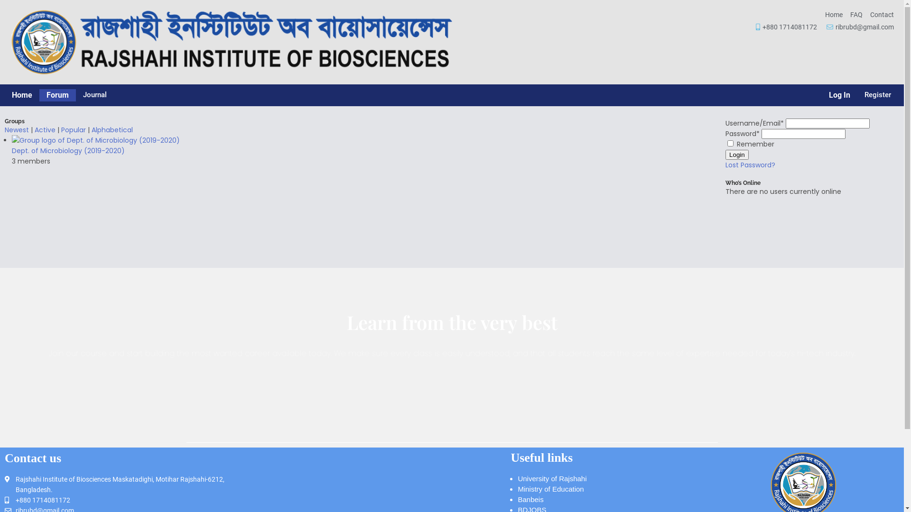  I want to click on 'Home', so click(833, 14).